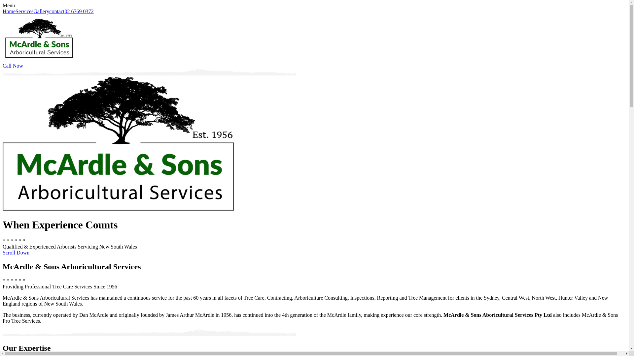  What do you see at coordinates (65, 11) in the screenshot?
I see `'02 6769 0372'` at bounding box center [65, 11].